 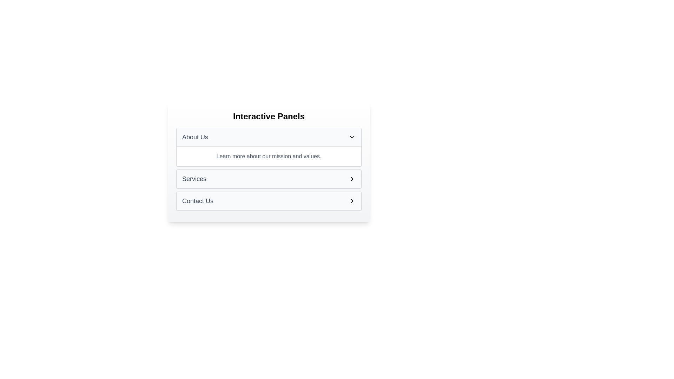 I want to click on the chevron icon located in the bottom-right corner of the 'Contact Us' menu option, so click(x=352, y=201).